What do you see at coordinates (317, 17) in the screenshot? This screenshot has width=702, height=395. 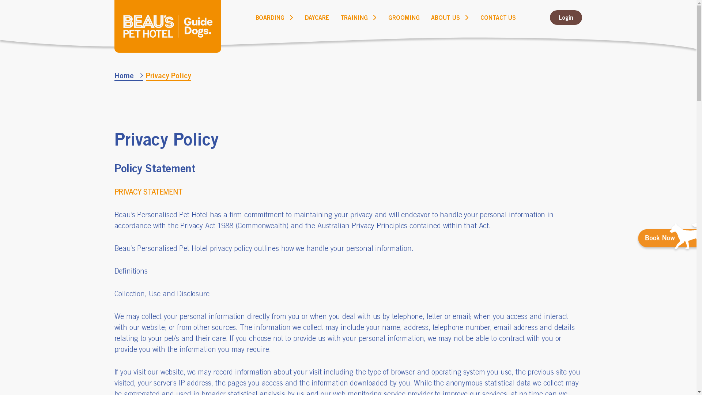 I see `'DAYCARE'` at bounding box center [317, 17].